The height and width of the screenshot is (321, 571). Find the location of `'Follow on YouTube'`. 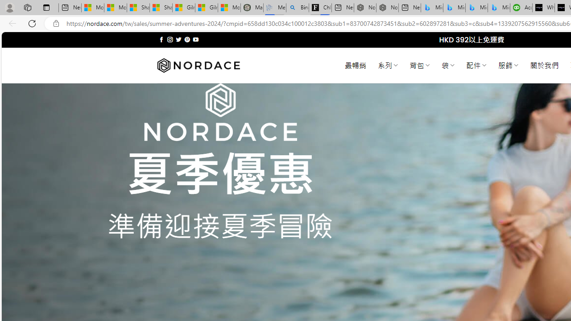

'Follow on YouTube' is located at coordinates (195, 39).